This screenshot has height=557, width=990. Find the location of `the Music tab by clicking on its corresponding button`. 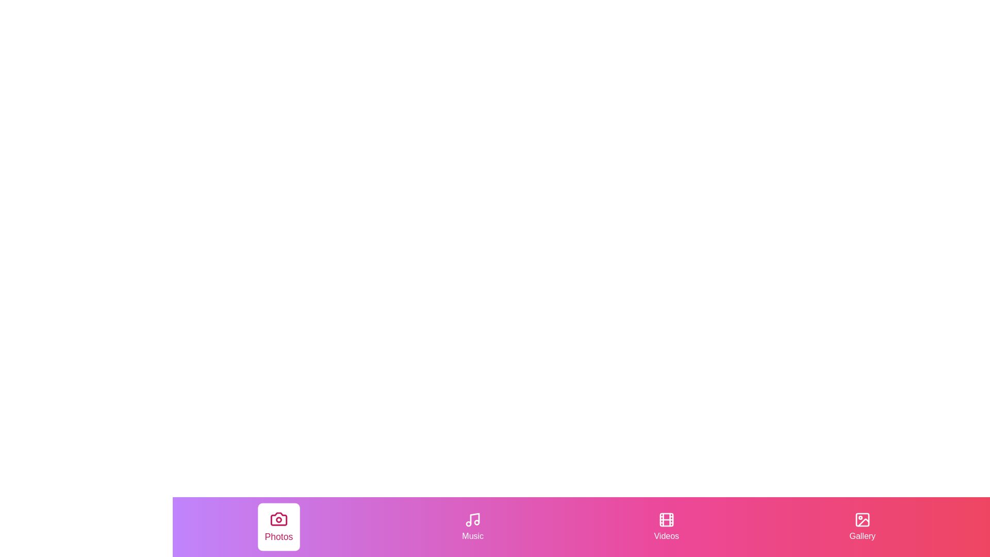

the Music tab by clicking on its corresponding button is located at coordinates (472, 527).